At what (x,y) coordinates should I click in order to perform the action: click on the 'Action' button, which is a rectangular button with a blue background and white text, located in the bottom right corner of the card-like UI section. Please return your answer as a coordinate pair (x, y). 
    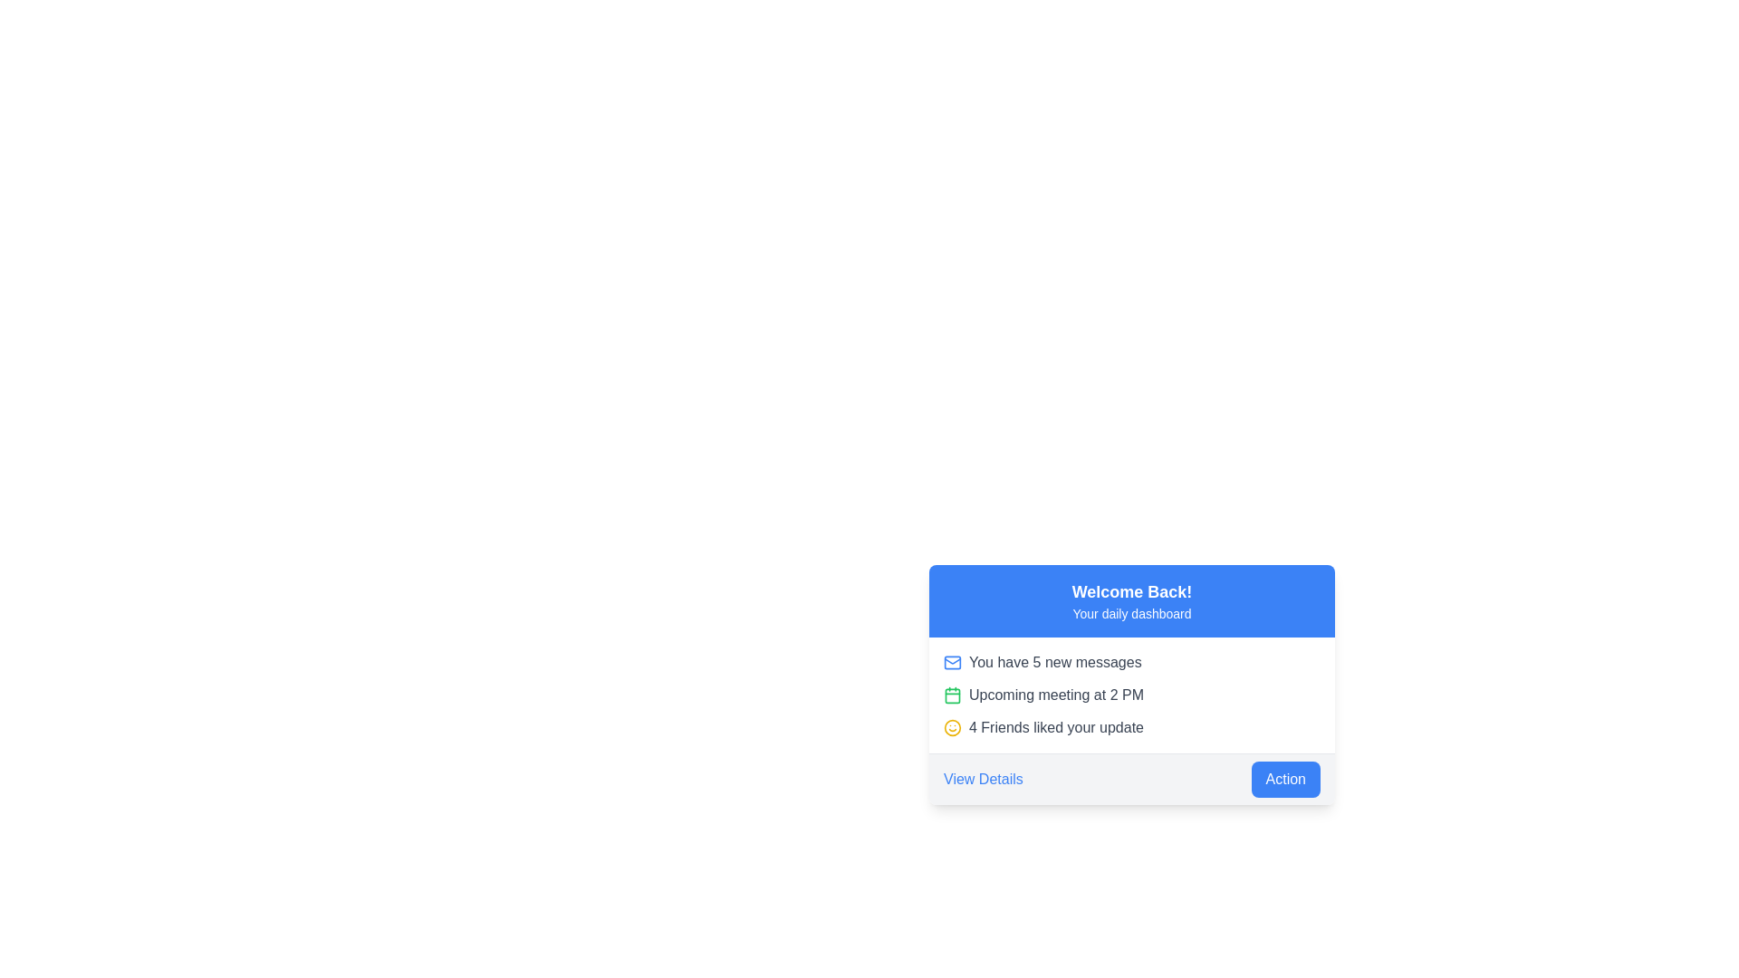
    Looking at the image, I should click on (1284, 778).